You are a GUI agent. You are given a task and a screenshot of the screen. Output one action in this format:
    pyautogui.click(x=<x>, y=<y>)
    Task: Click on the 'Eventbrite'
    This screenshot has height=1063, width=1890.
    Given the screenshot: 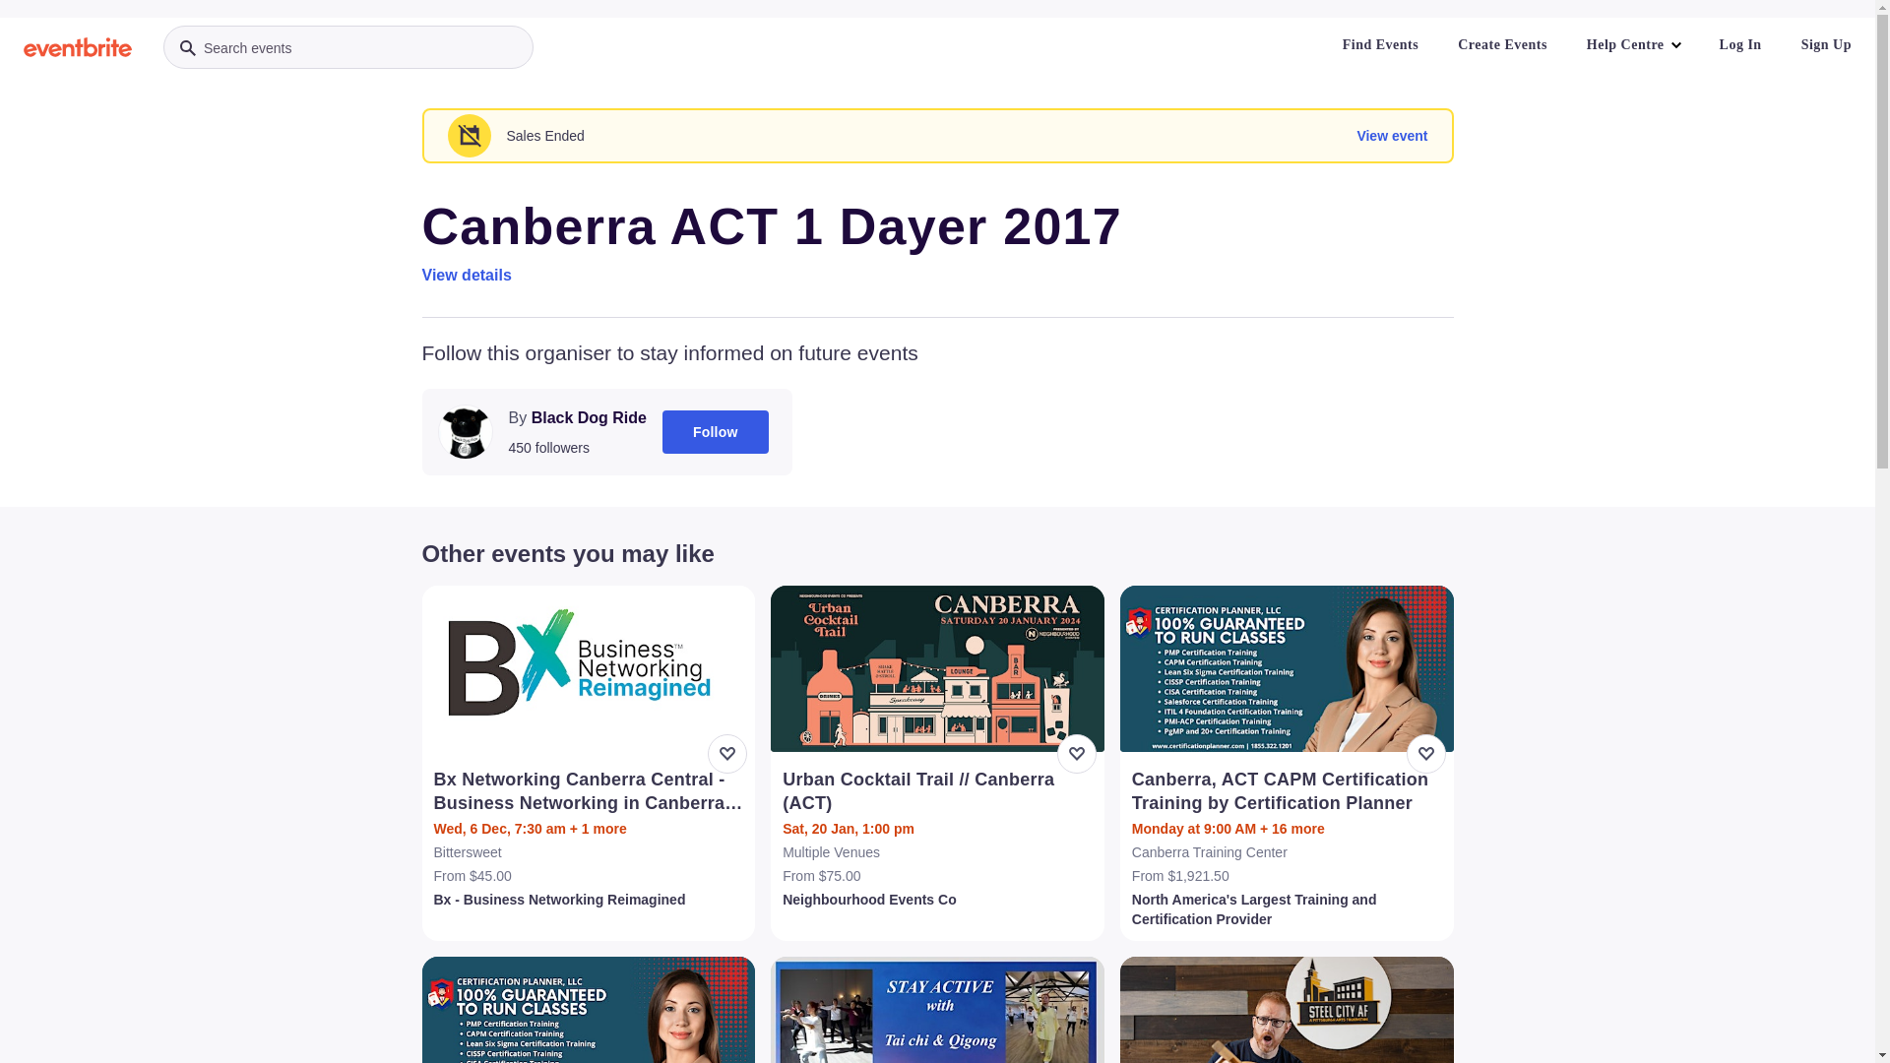 What is the action you would take?
    pyautogui.click(x=77, y=45)
    